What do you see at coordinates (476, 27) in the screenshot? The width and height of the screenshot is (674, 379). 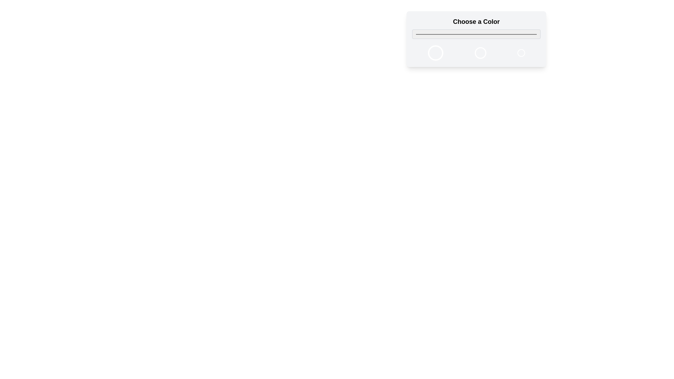 I see `the static text label that serves as a descriptive title for the input area below it, guiding the user to interact with the input field underneath` at bounding box center [476, 27].